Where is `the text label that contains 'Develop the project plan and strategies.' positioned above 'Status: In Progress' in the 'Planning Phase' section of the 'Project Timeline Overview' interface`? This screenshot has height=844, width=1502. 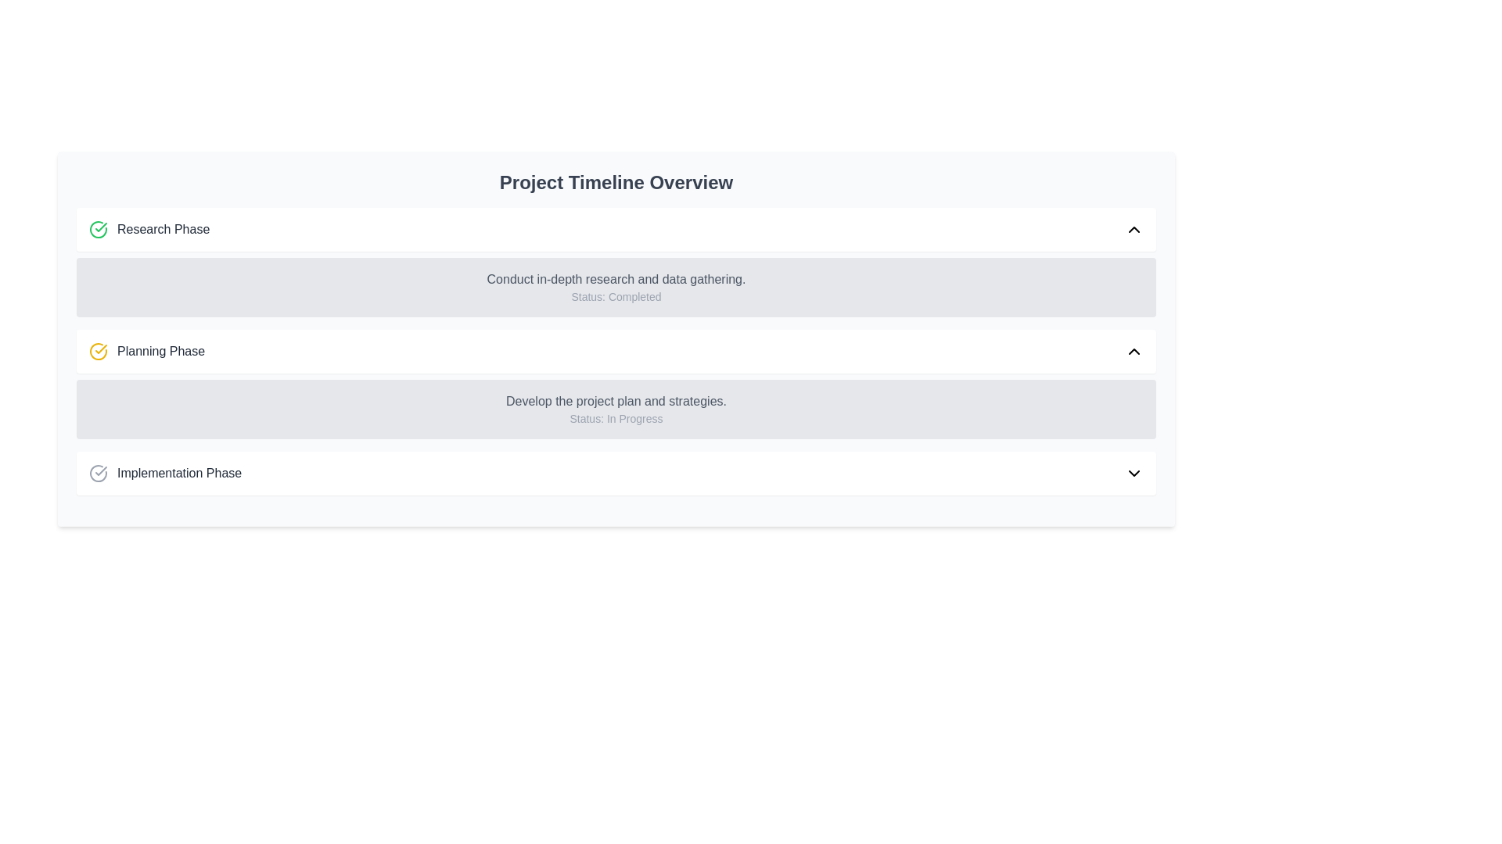
the text label that contains 'Develop the project plan and strategies.' positioned above 'Status: In Progress' in the 'Planning Phase' section of the 'Project Timeline Overview' interface is located at coordinates (615, 400).